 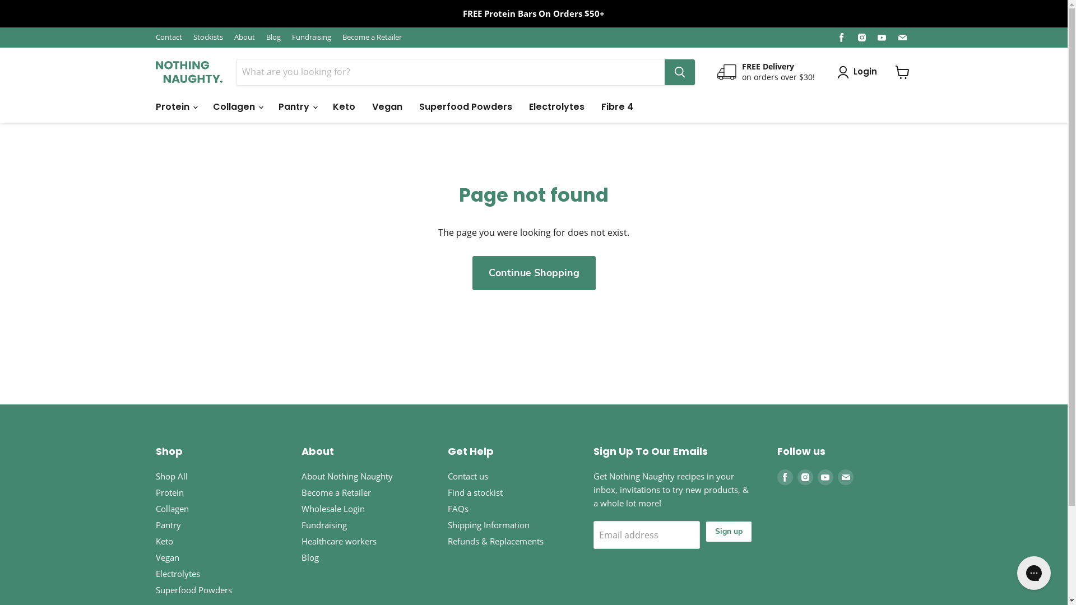 What do you see at coordinates (592, 107) in the screenshot?
I see `'Fibre 4'` at bounding box center [592, 107].